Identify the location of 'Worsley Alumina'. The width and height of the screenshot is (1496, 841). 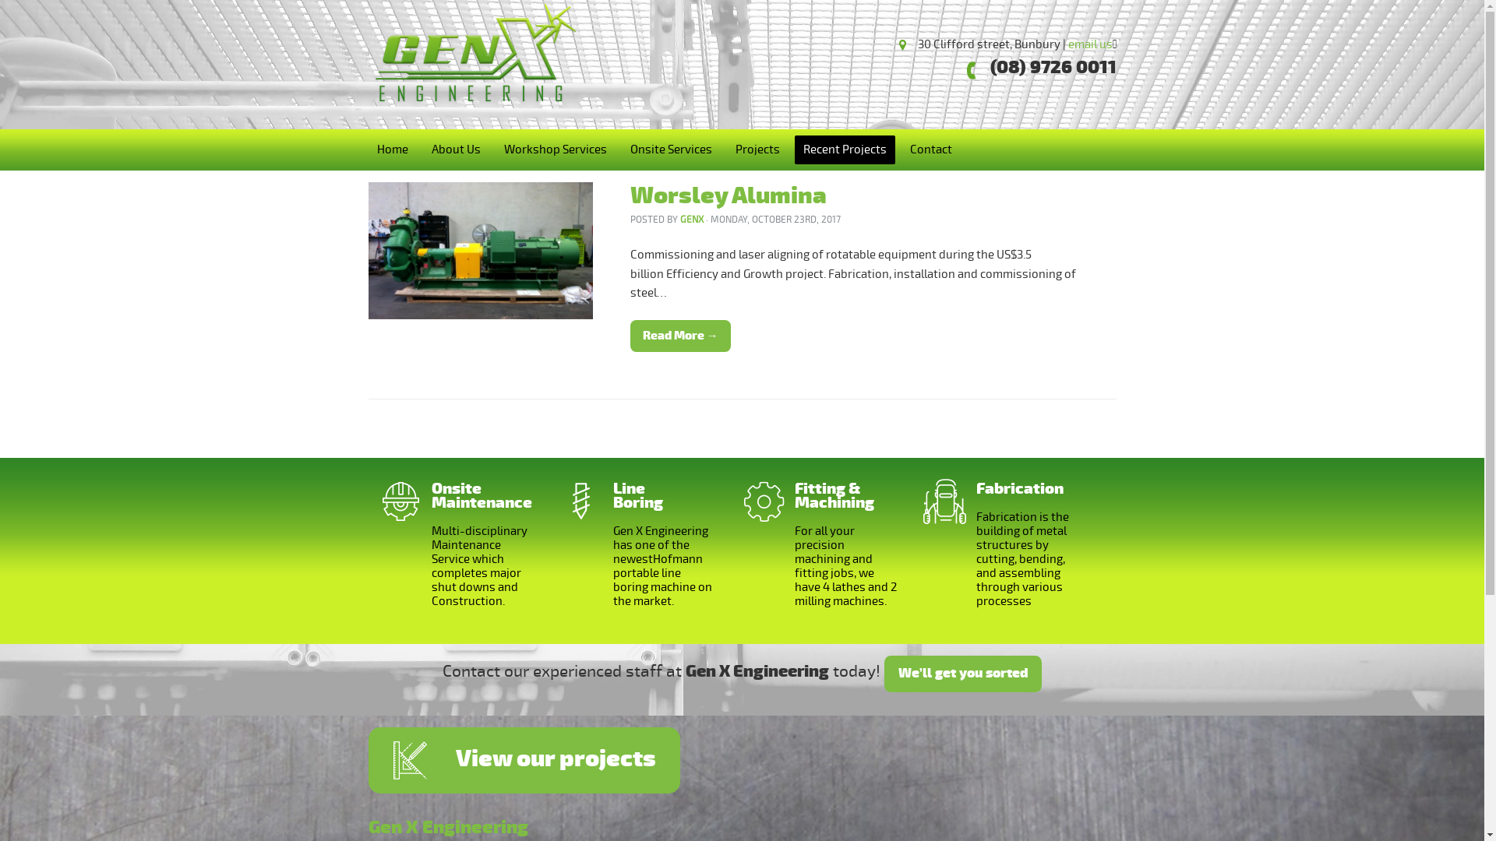
(727, 195).